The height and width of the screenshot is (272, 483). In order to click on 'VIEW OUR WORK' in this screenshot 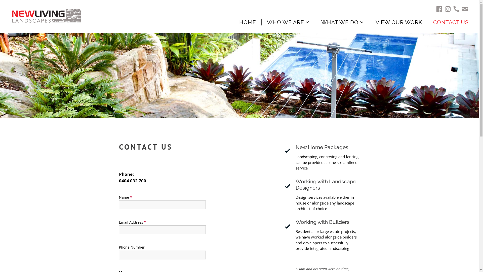, I will do `click(375, 22)`.